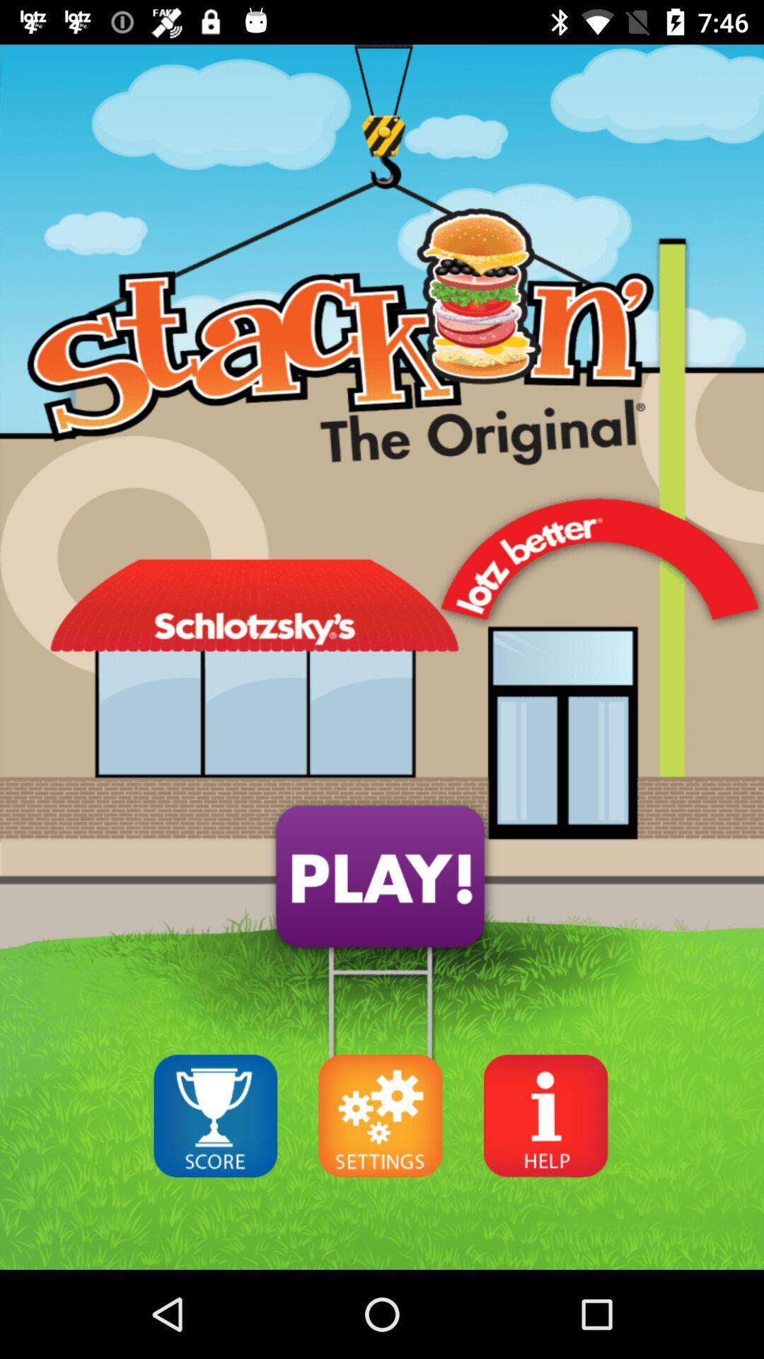  Describe the element at coordinates (545, 1115) in the screenshot. I see `help box option` at that location.